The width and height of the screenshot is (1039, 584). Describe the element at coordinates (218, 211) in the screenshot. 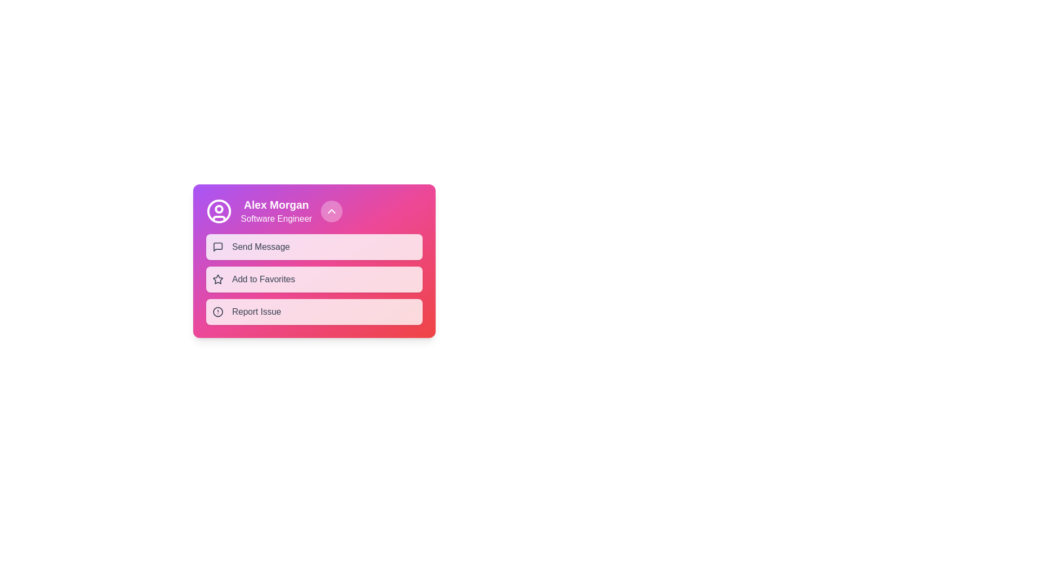

I see `the innermost graphical circle of the user profile icon, which is surrounded by a larger circle and additional graphical elements` at that location.